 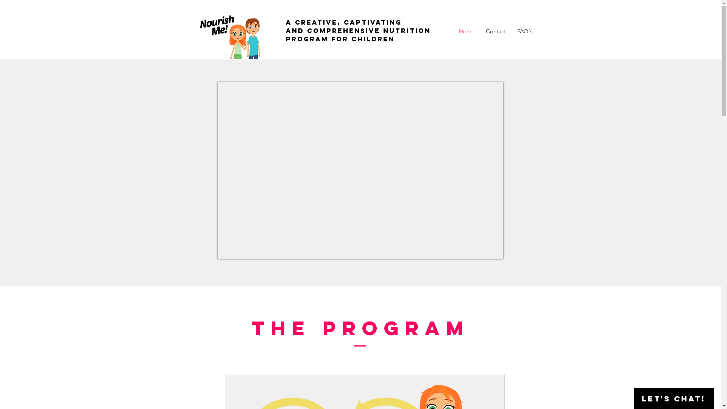 What do you see at coordinates (466, 31) in the screenshot?
I see `'Home'` at bounding box center [466, 31].